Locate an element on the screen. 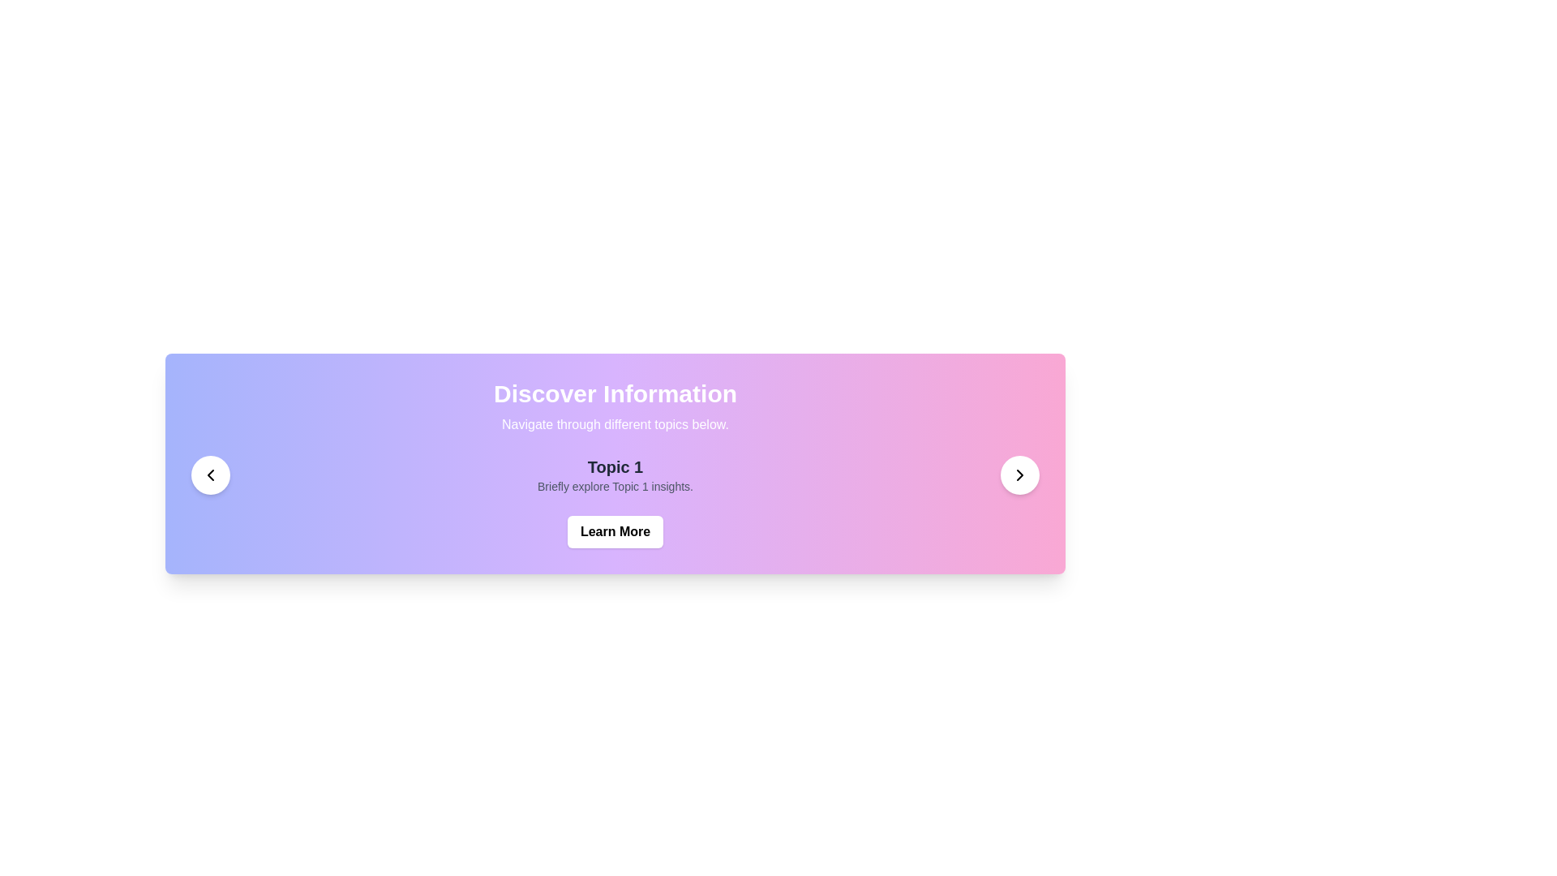  the text label that reads 'Navigate through different topics below.' which is centered in a pink-to-purple gradient background banner, located below the heading 'Discover Information.' is located at coordinates (614, 424).